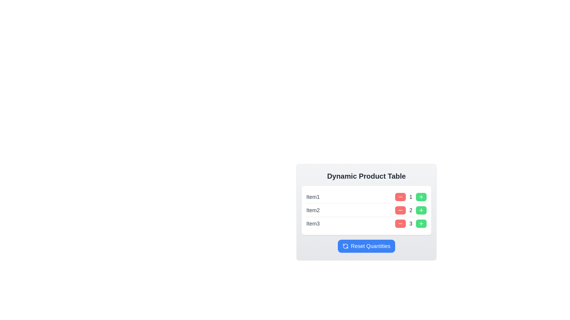 The width and height of the screenshot is (570, 320). What do you see at coordinates (410, 197) in the screenshot?
I see `the static text label displaying the current count in the first row of the 'Dynamic Product Table', which is centrally located between the decrement (minus) and increment (plus) buttons` at bounding box center [410, 197].